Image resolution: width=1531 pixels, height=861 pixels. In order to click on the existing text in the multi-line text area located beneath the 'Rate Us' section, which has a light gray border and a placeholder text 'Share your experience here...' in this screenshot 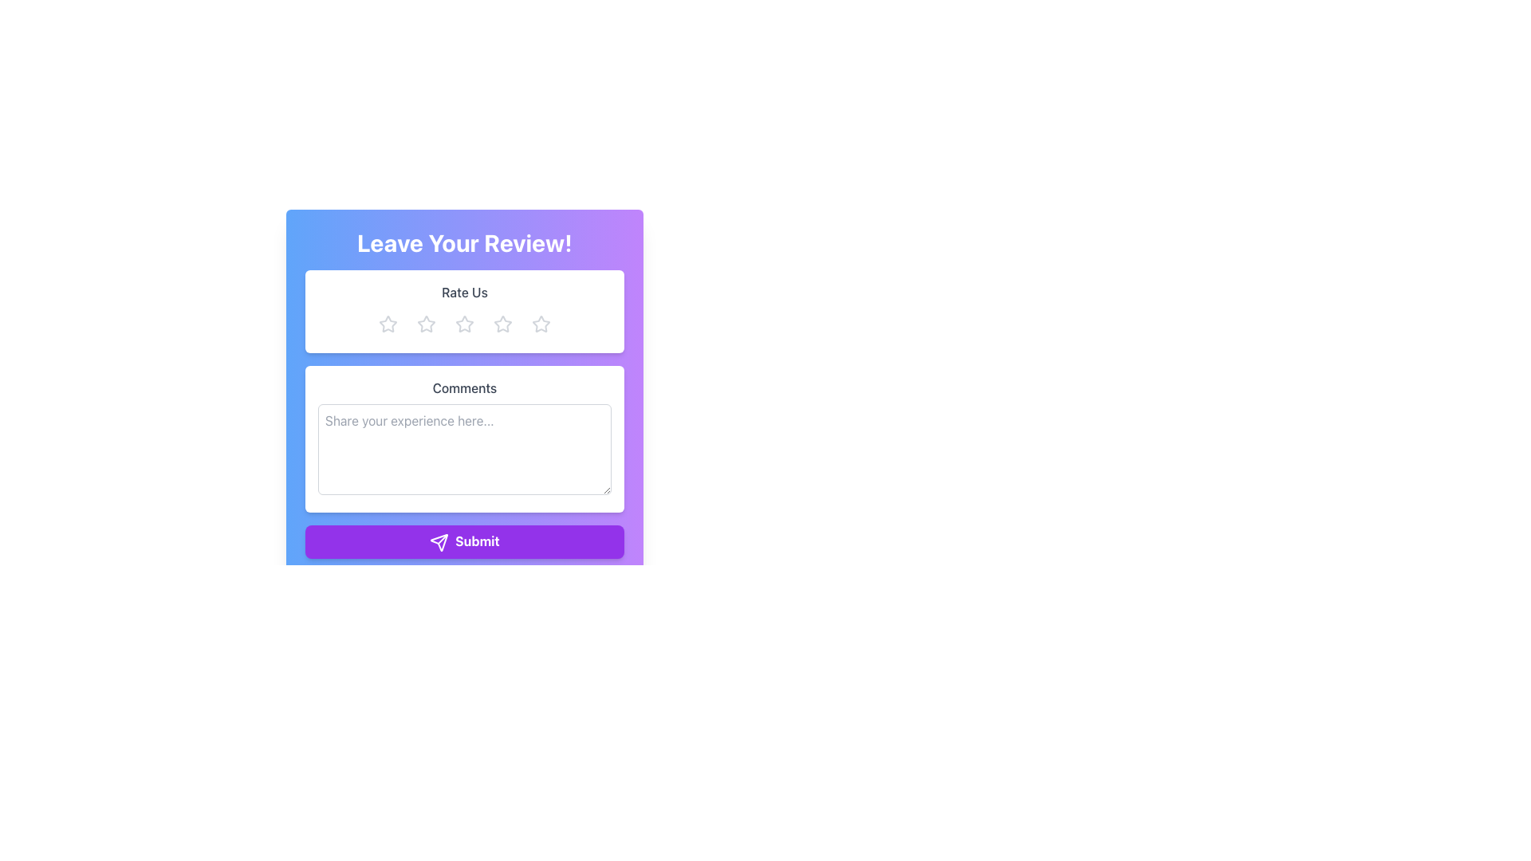, I will do `click(463, 449)`.